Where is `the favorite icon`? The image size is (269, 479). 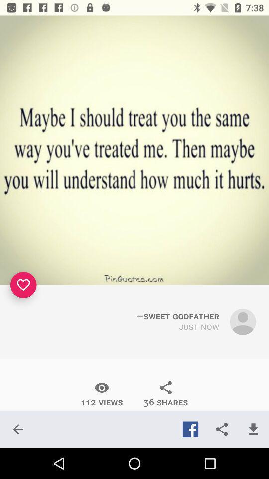
the favorite icon is located at coordinates (23, 285).